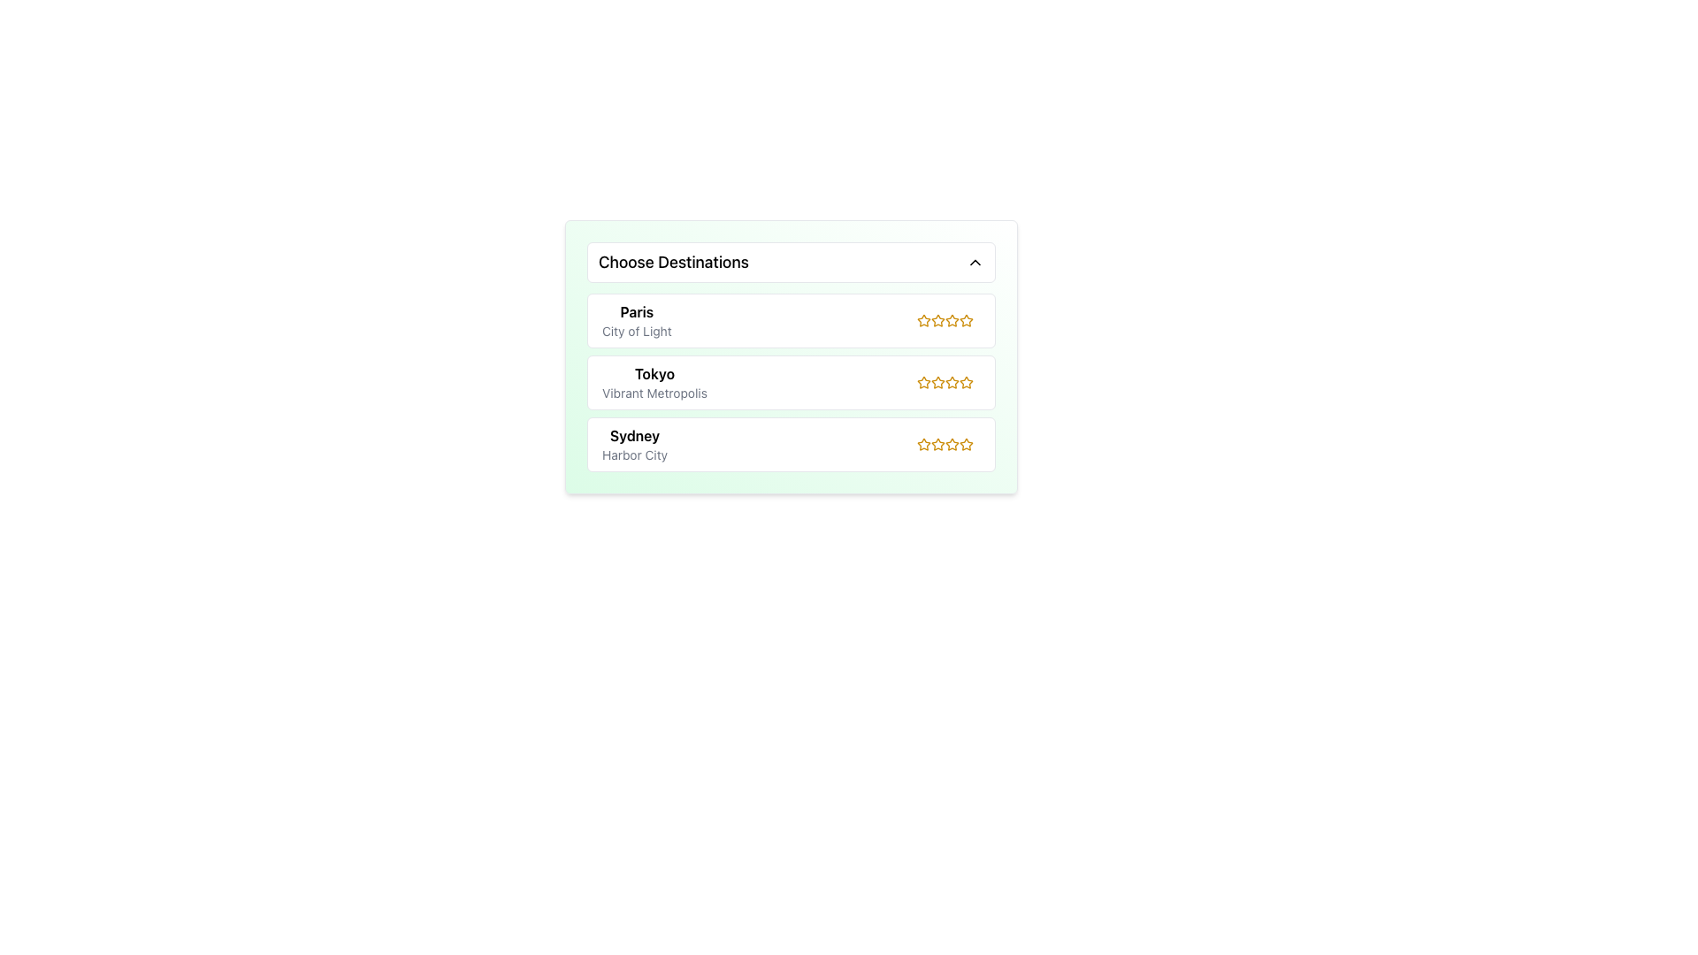 The image size is (1698, 955). What do you see at coordinates (937, 320) in the screenshot?
I see `yellow star icon used for rating next to the text 'Paris' under the 'Choose Destinations' header in the 'City of Light' section` at bounding box center [937, 320].